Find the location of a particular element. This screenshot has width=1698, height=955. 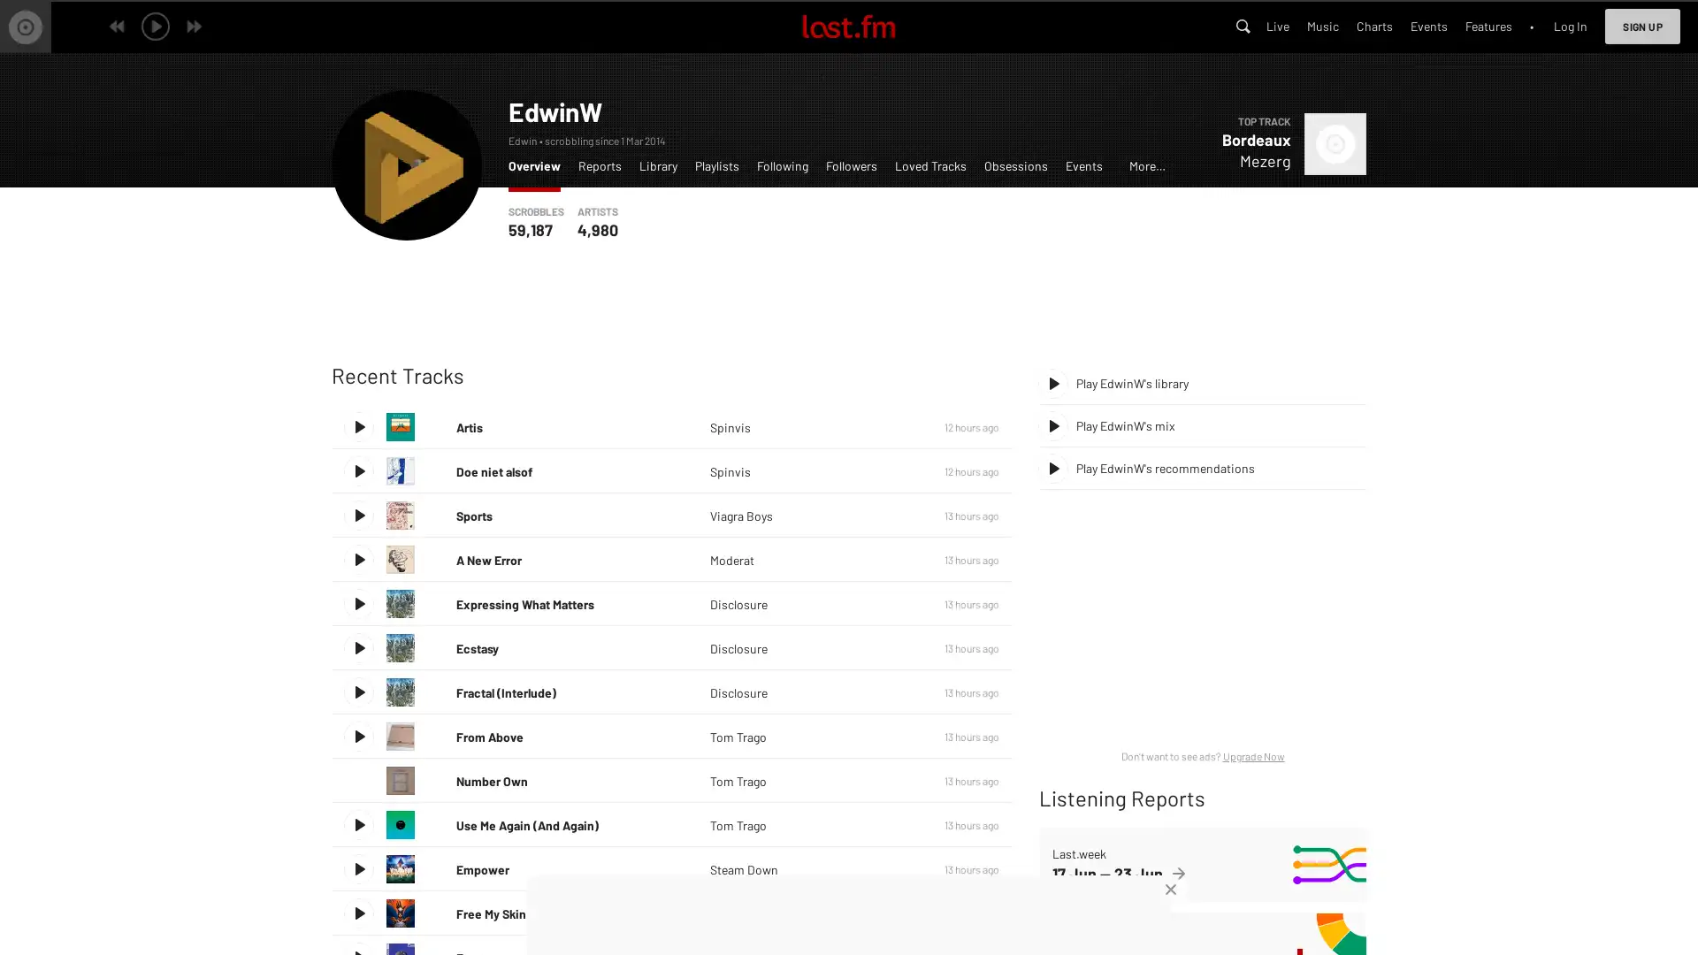

More is located at coordinates (891, 559).